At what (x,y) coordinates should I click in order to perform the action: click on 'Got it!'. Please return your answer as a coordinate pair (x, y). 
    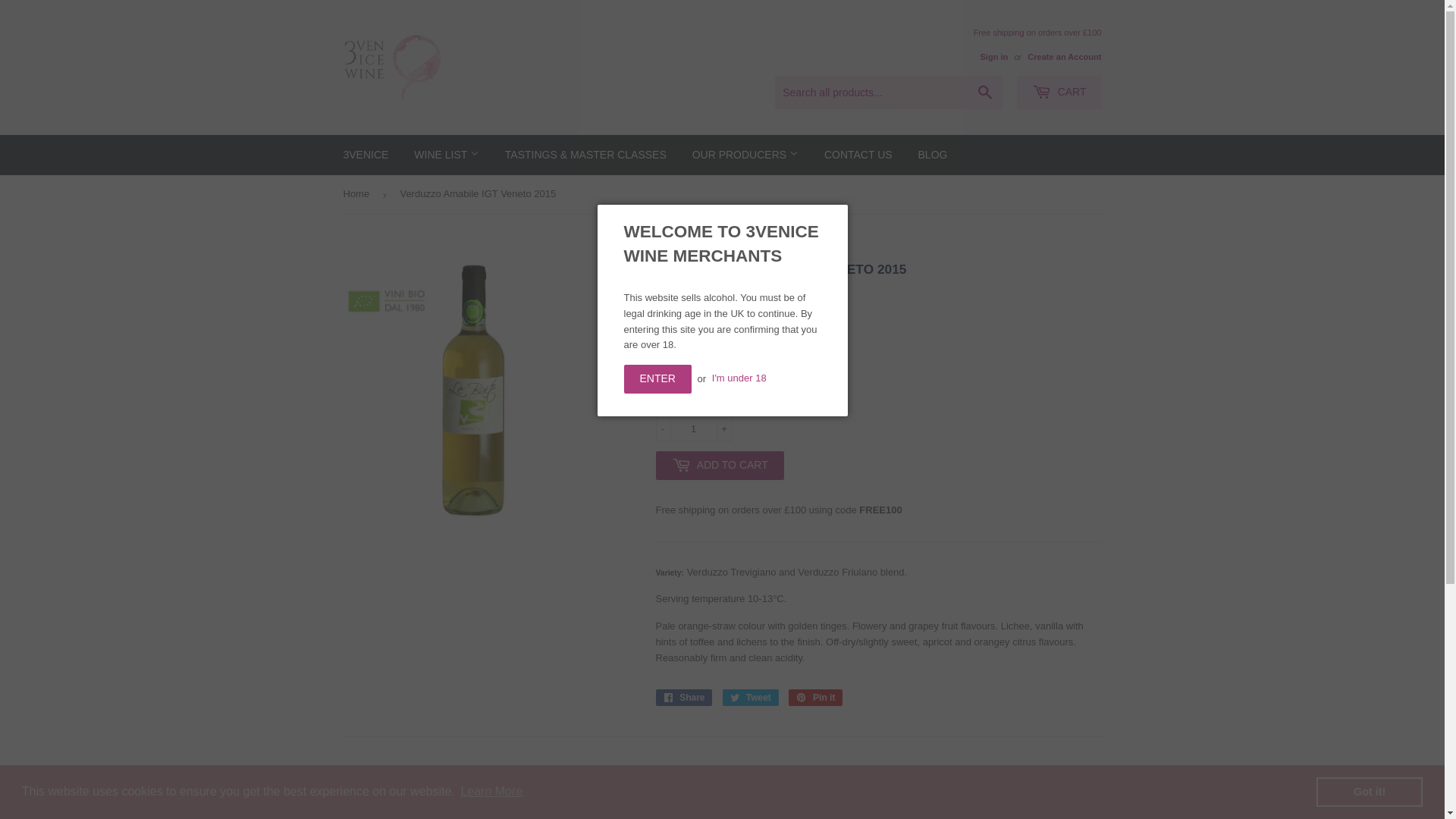
    Looking at the image, I should click on (1316, 791).